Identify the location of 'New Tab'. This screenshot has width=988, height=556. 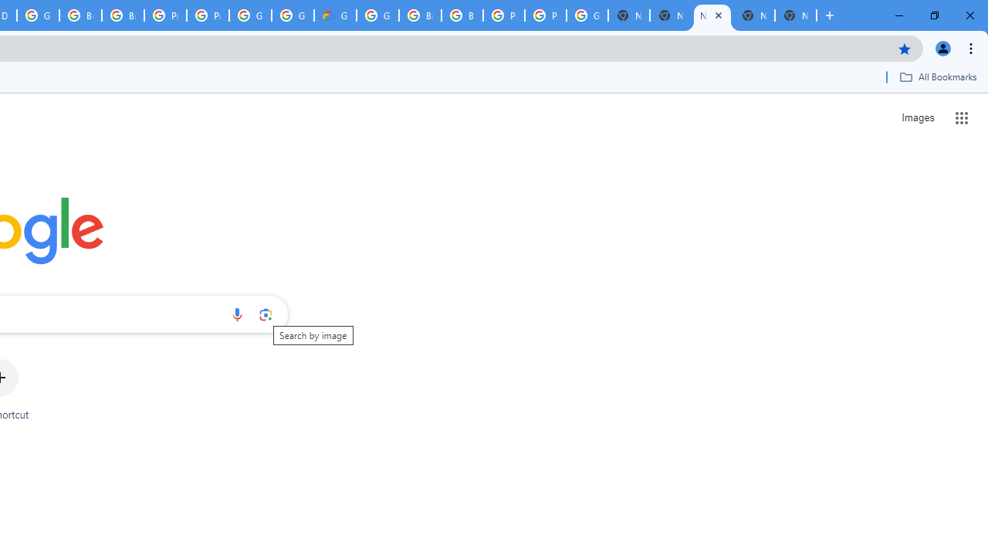
(796, 15).